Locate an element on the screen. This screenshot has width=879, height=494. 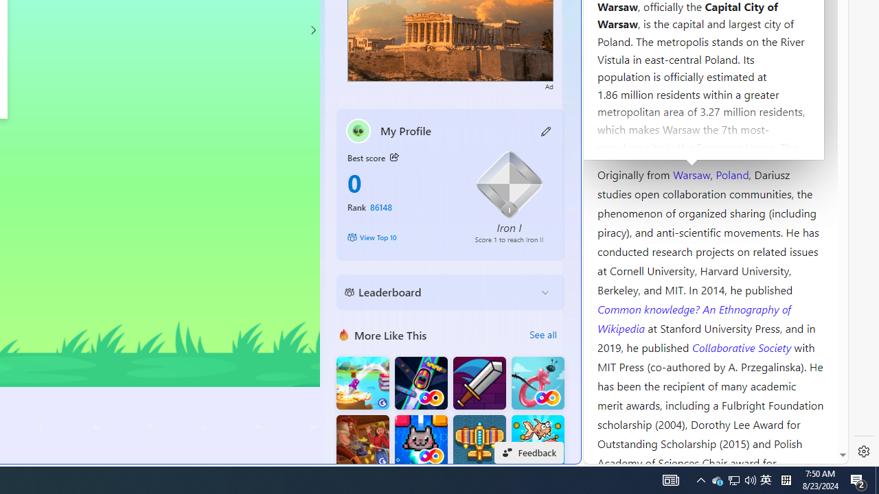
'Collaborative Society ' is located at coordinates (742, 346).